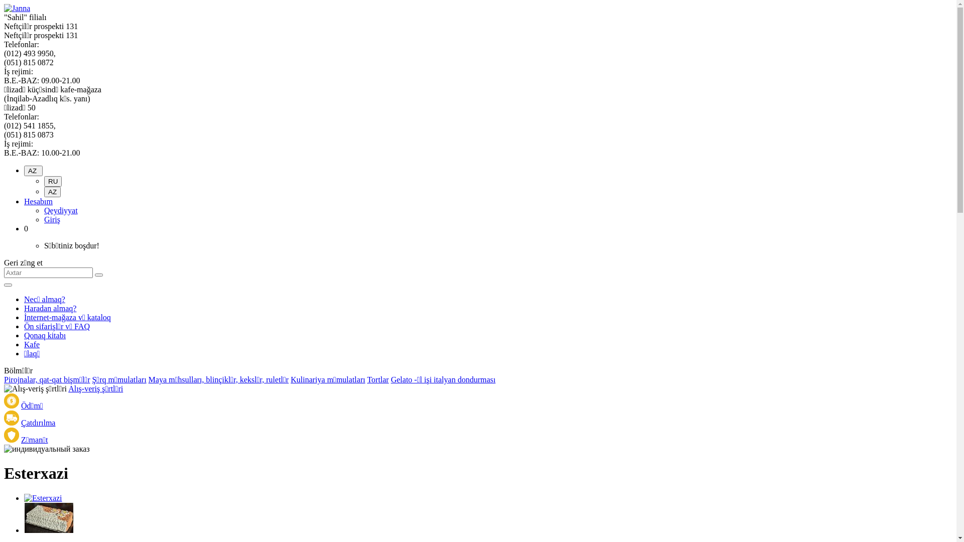 Image resolution: width=964 pixels, height=542 pixels. I want to click on 'Janna', so click(17, 8).